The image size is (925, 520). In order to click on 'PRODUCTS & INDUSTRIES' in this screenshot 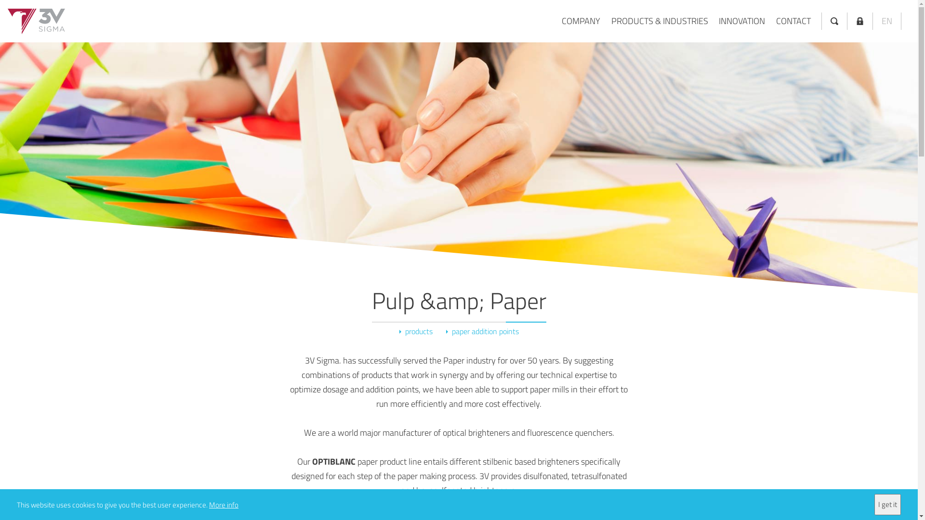, I will do `click(659, 21)`.